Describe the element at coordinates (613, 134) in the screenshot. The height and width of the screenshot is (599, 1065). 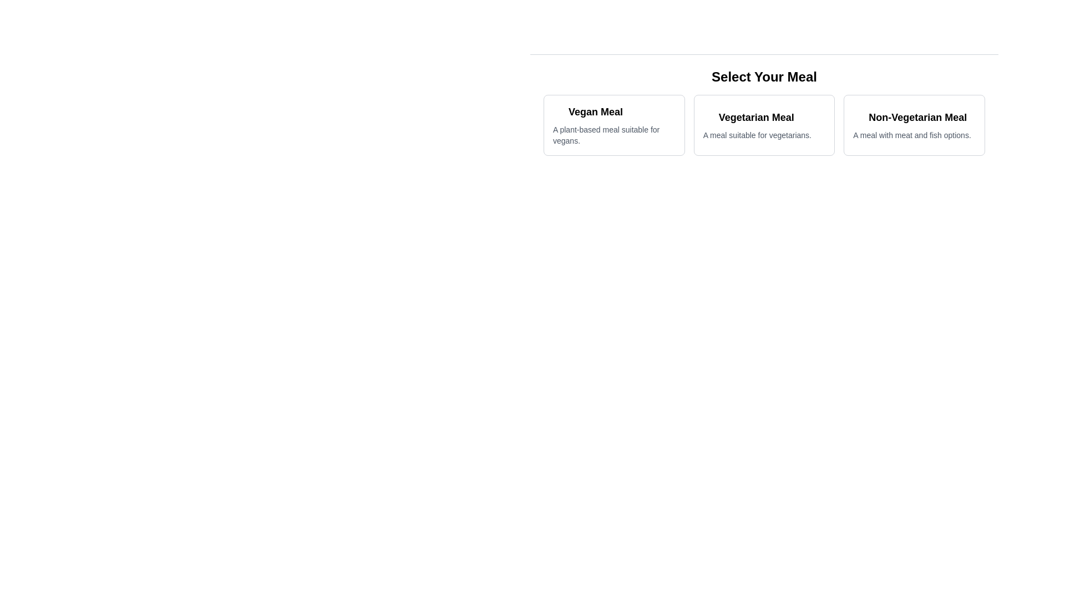
I see `the informational text label providing details about the 'Vegan Meal' option, located directly below the 'Vegan Meal' title in the leftmost card` at that location.